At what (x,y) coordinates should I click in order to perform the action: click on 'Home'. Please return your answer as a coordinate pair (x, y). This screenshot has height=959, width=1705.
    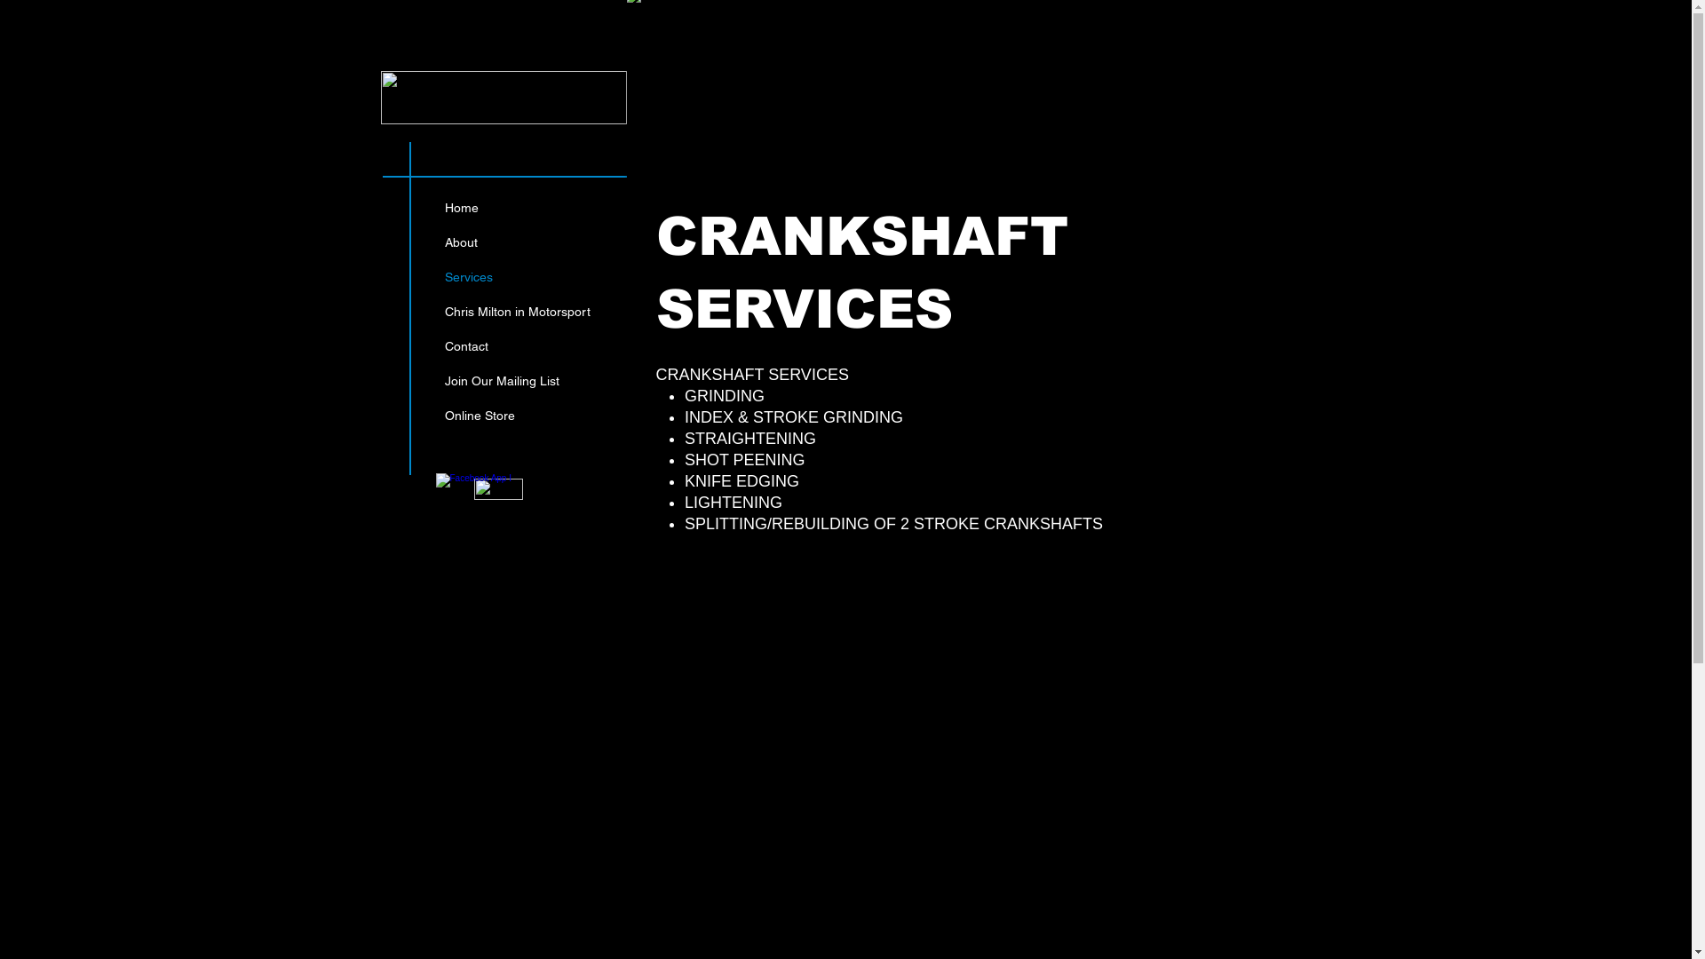
    Looking at the image, I should click on (434, 207).